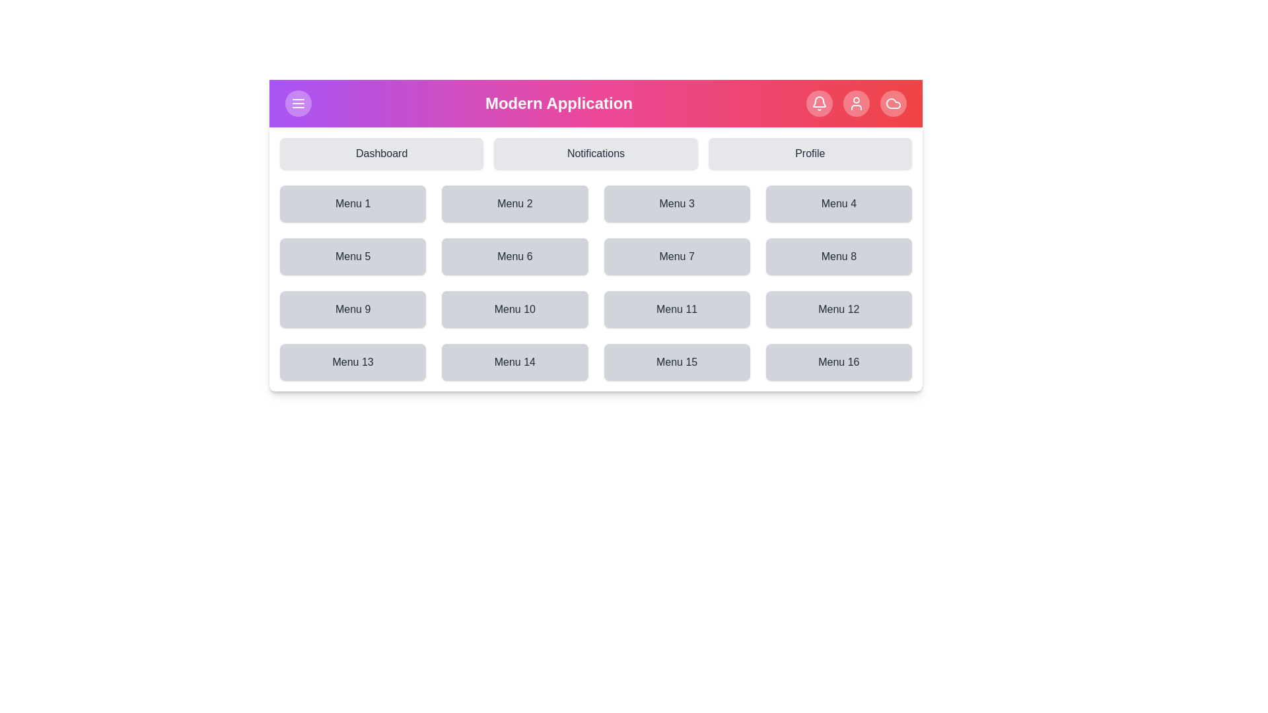 This screenshot has width=1268, height=713. What do you see at coordinates (809, 153) in the screenshot?
I see `the Profile tab in the navigation bar` at bounding box center [809, 153].